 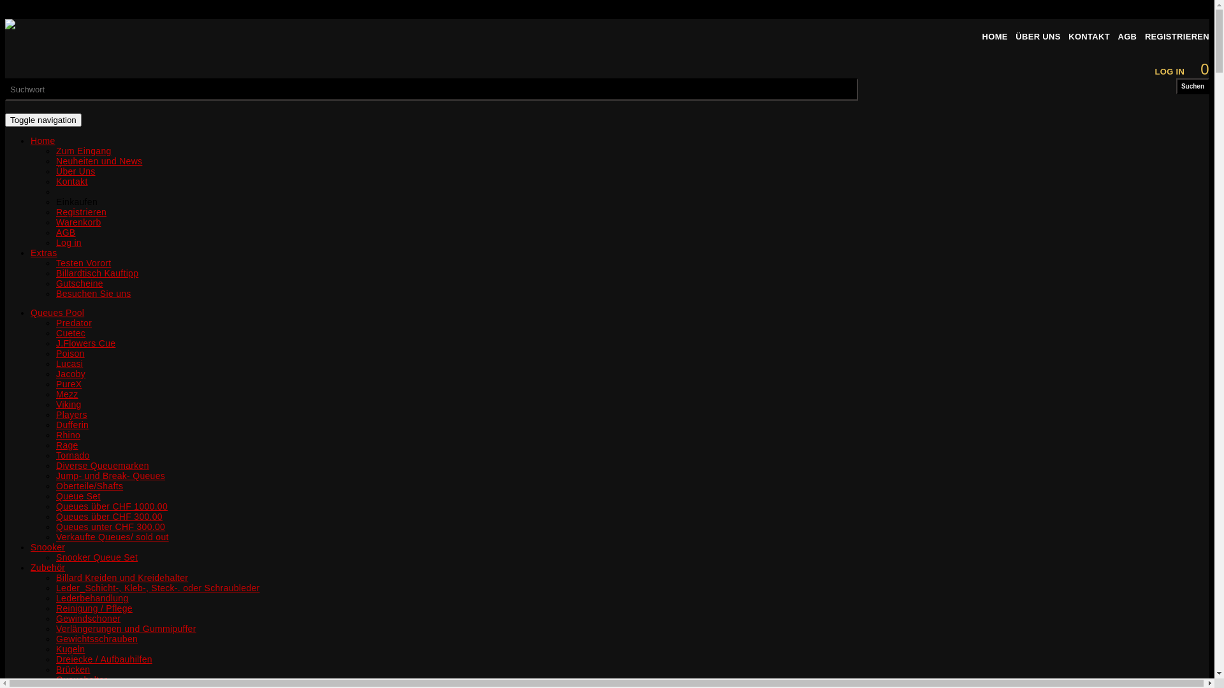 What do you see at coordinates (31, 253) in the screenshot?
I see `'Extras'` at bounding box center [31, 253].